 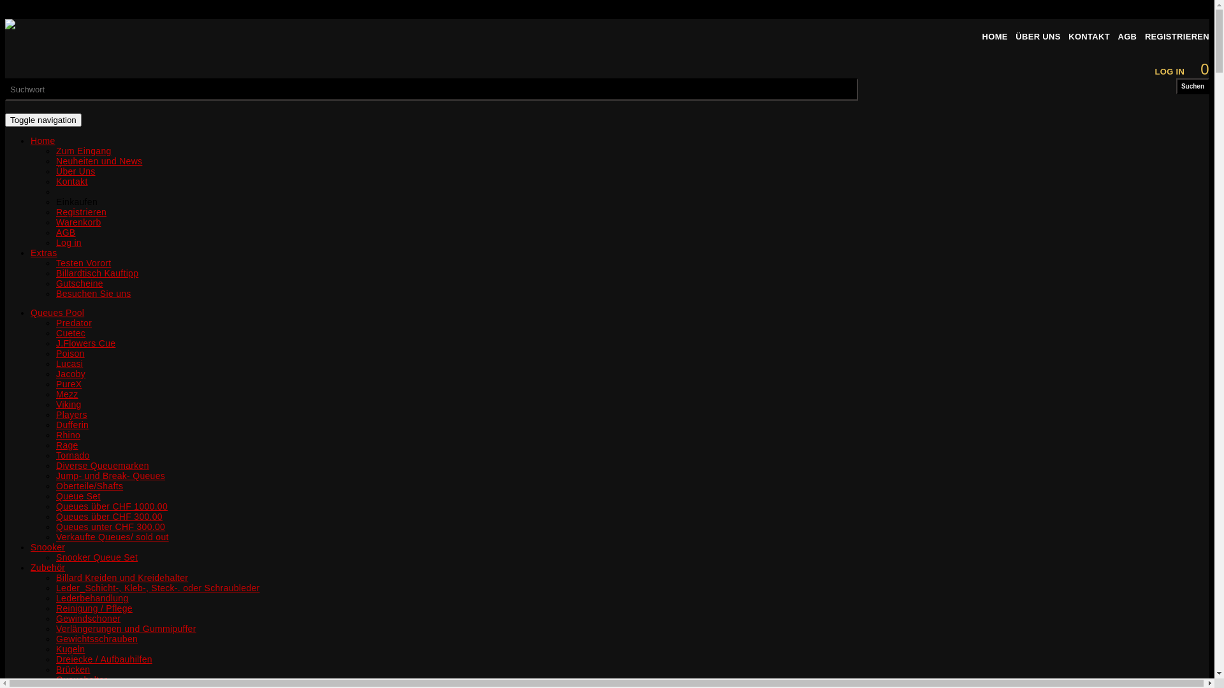 What do you see at coordinates (31, 253) in the screenshot?
I see `'Extras'` at bounding box center [31, 253].